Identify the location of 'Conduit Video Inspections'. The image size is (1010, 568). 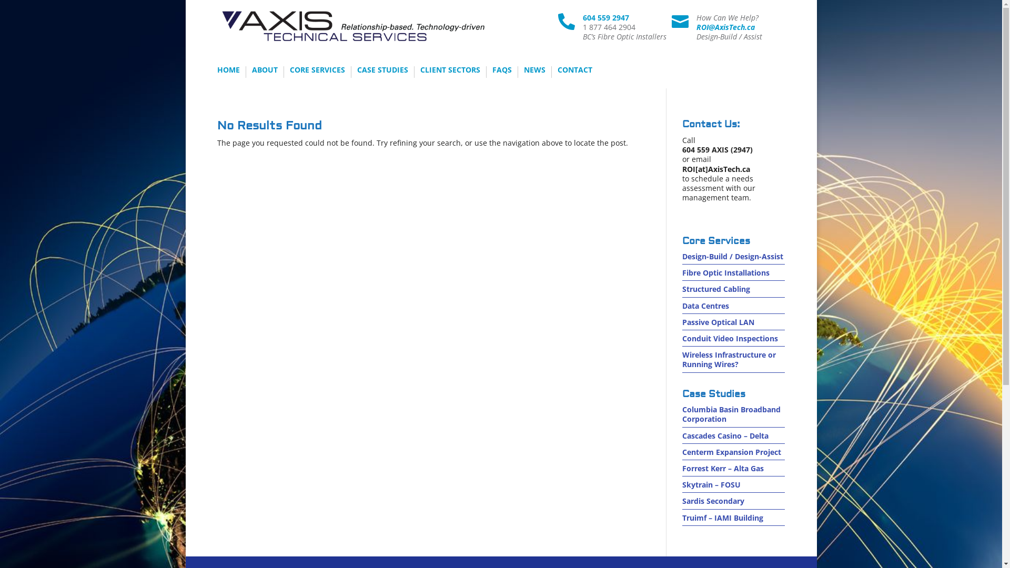
(729, 338).